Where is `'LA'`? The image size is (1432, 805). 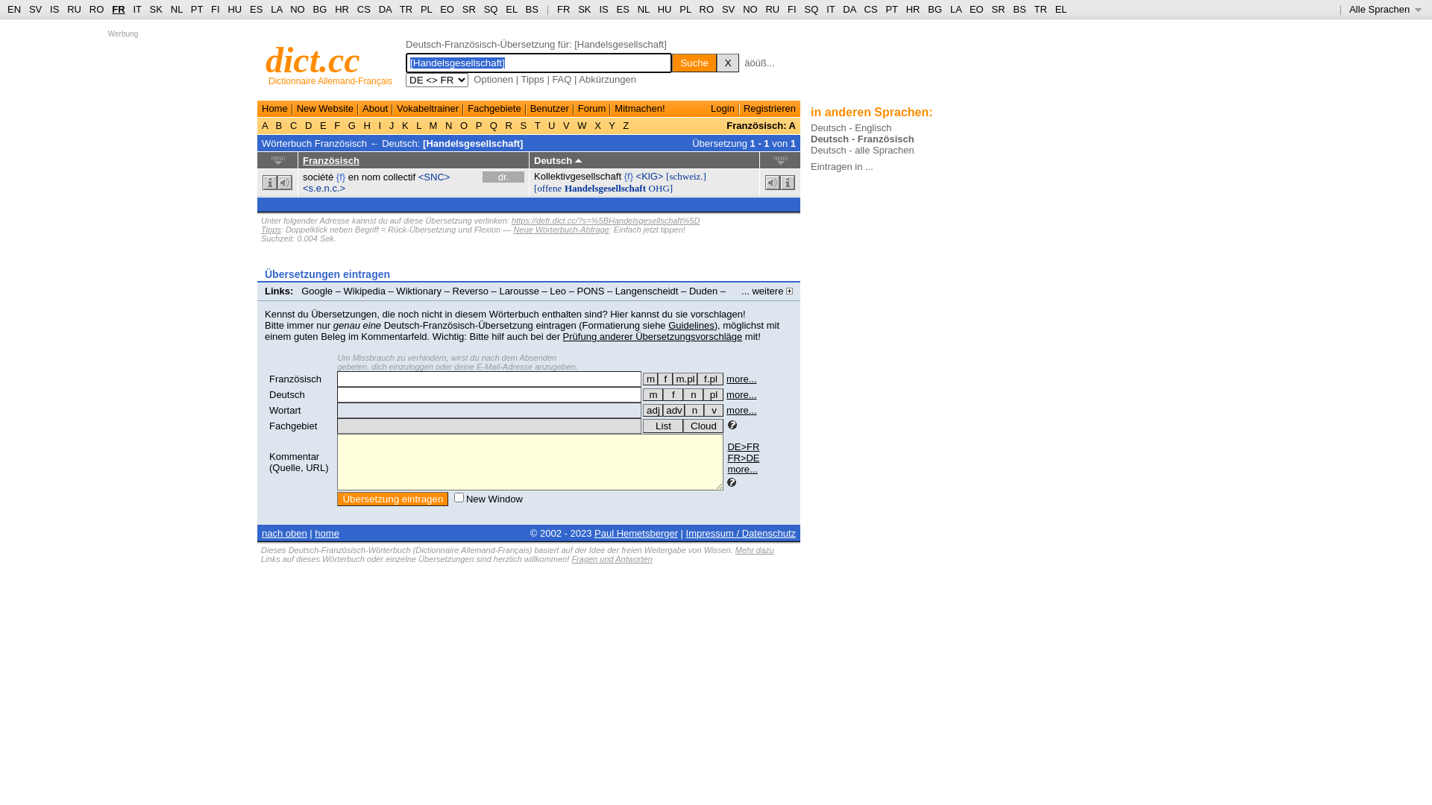
'LA' is located at coordinates (955, 9).